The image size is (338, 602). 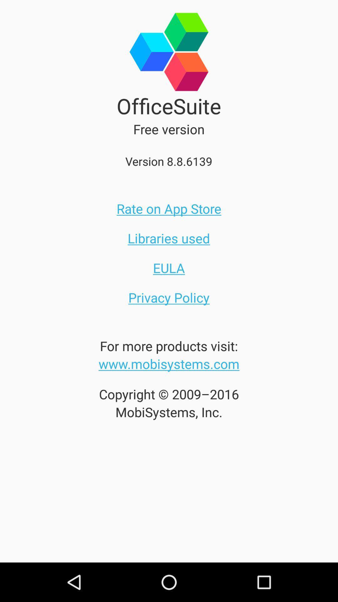 I want to click on the libraries used item, so click(x=168, y=238).